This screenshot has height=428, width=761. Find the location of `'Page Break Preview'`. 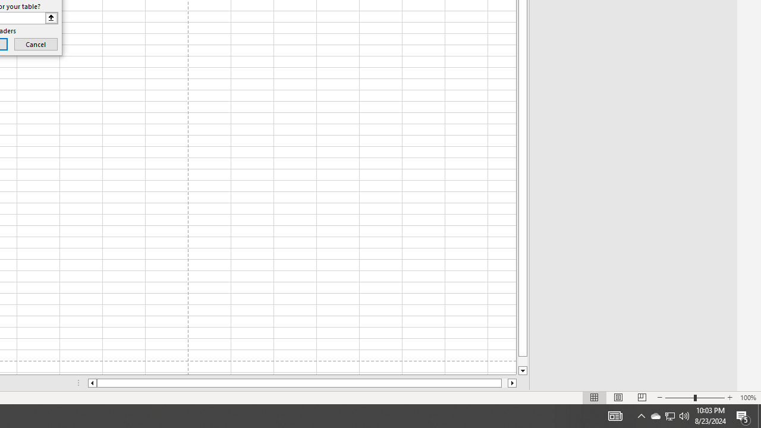

'Page Break Preview' is located at coordinates (641, 398).